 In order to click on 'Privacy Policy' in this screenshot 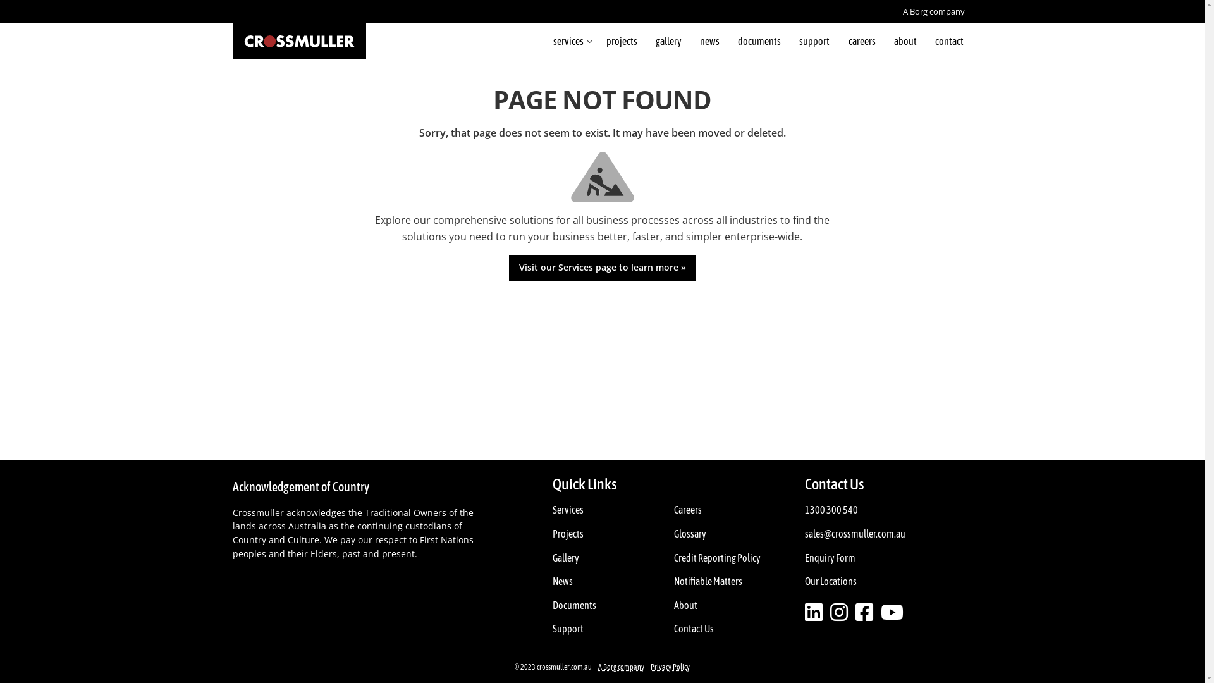, I will do `click(670, 667)`.